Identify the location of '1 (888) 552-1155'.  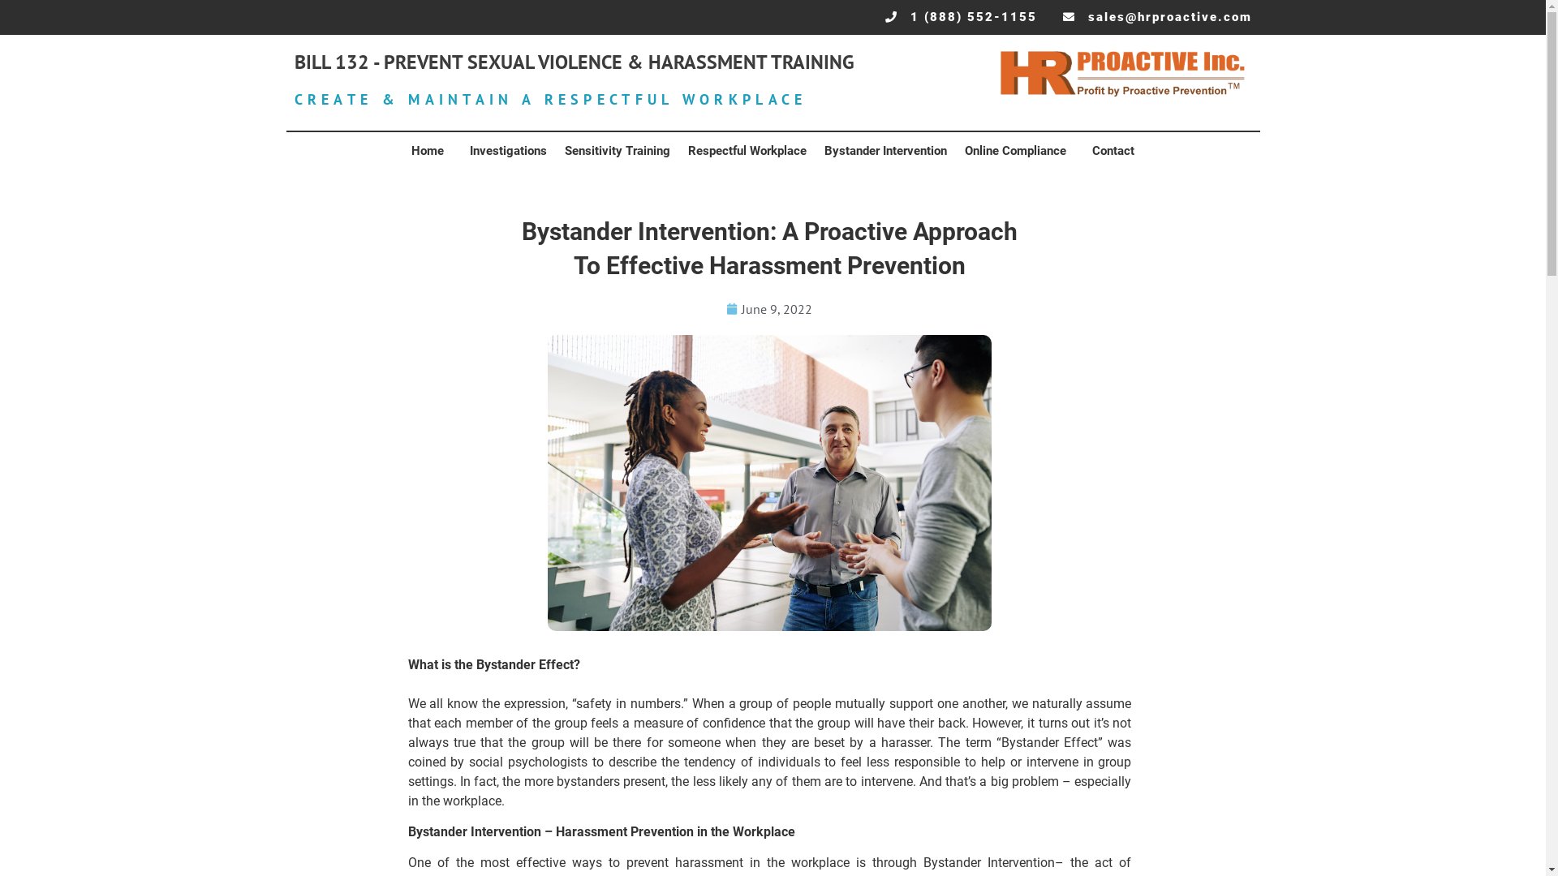
(961, 17).